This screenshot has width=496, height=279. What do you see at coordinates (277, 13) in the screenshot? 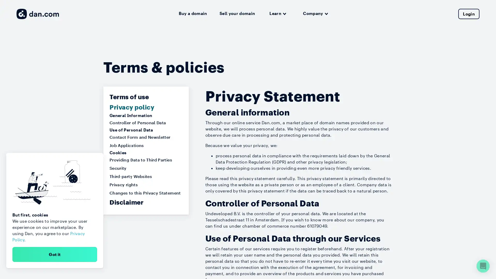
I see `Learn` at bounding box center [277, 13].